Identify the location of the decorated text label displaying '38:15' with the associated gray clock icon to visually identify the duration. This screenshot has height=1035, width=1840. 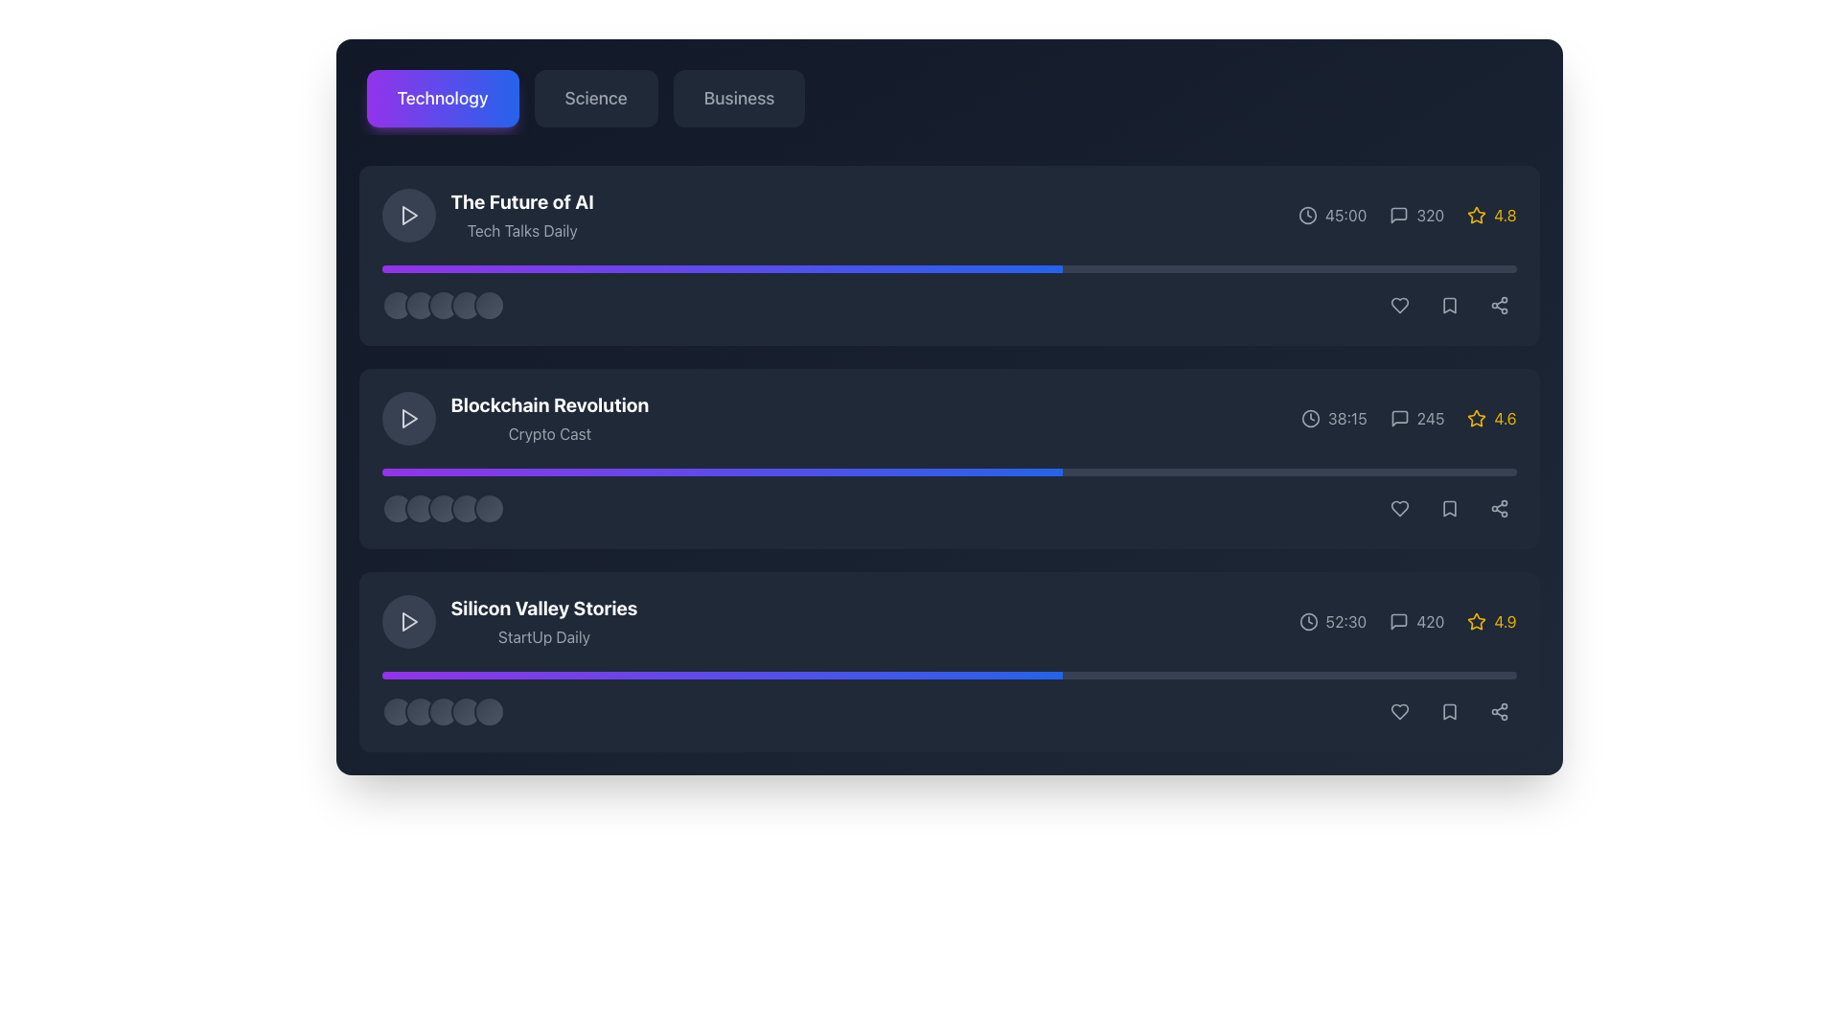
(1333, 417).